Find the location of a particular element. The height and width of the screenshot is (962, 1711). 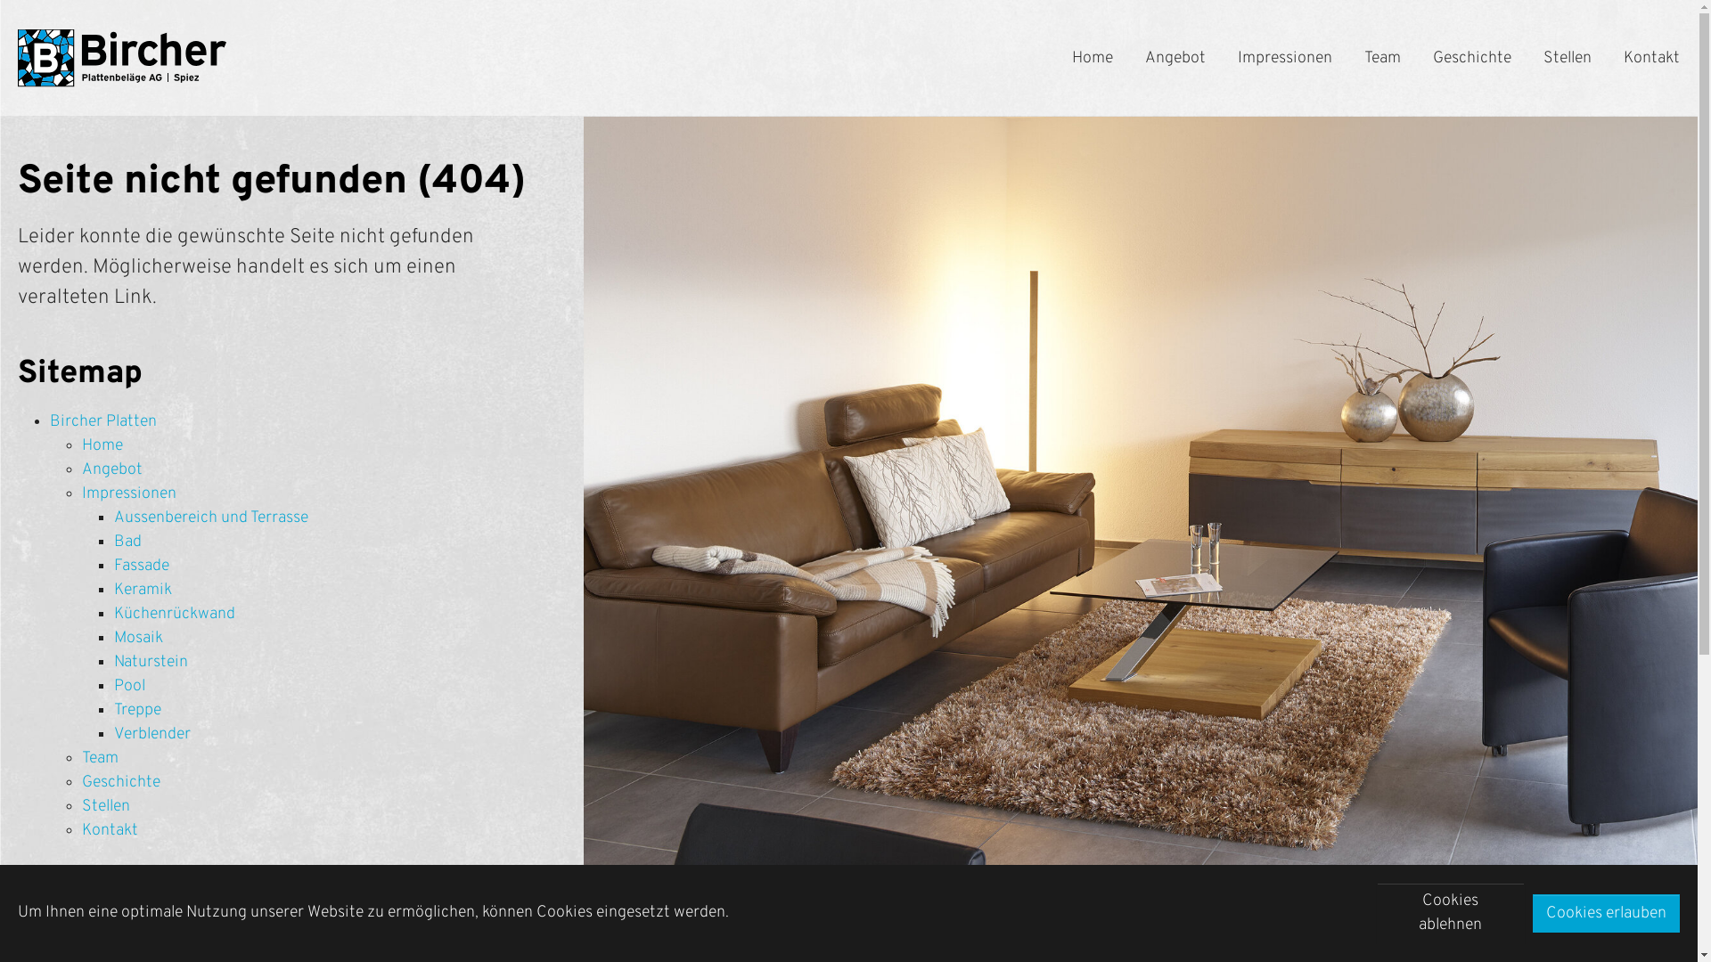

'Keramik' is located at coordinates (113, 590).